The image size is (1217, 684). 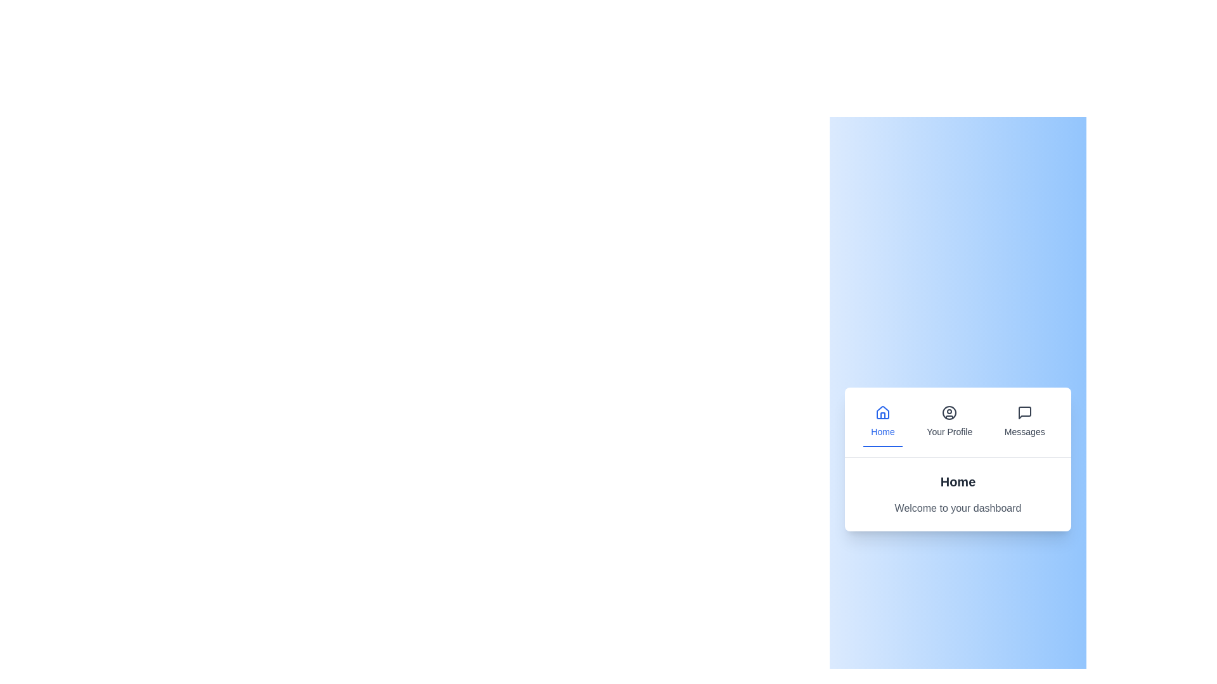 I want to click on the 'Home' tab to inspect its visual state, so click(x=882, y=422).